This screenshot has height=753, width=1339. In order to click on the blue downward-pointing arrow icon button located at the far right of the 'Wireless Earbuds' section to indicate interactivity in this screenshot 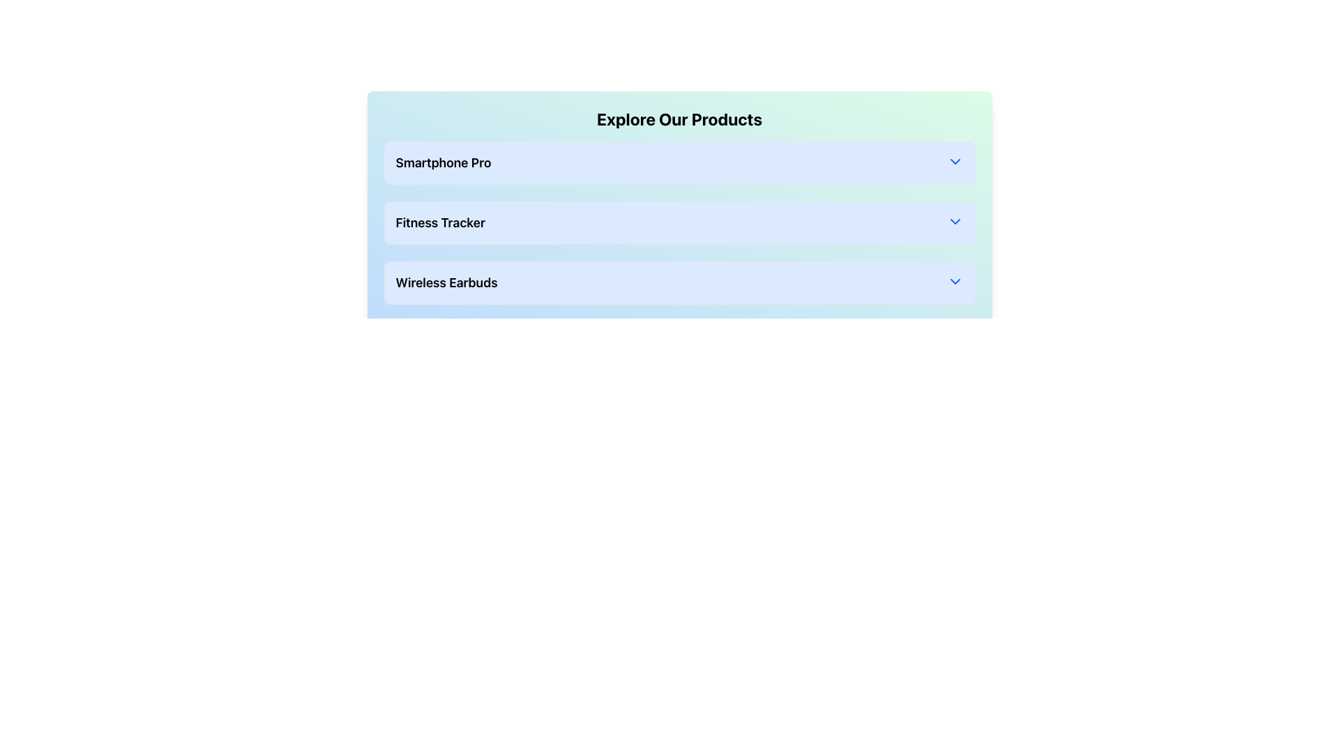, I will do `click(954, 282)`.